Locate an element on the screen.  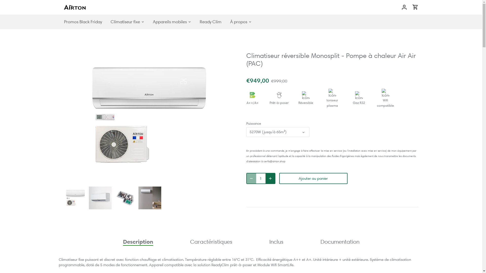
'Promos Black Friday' is located at coordinates (85, 21).